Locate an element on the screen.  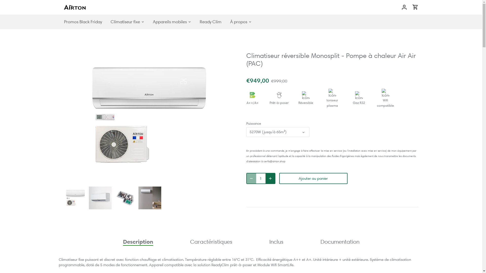
'Promos Black Friday' is located at coordinates (85, 21).